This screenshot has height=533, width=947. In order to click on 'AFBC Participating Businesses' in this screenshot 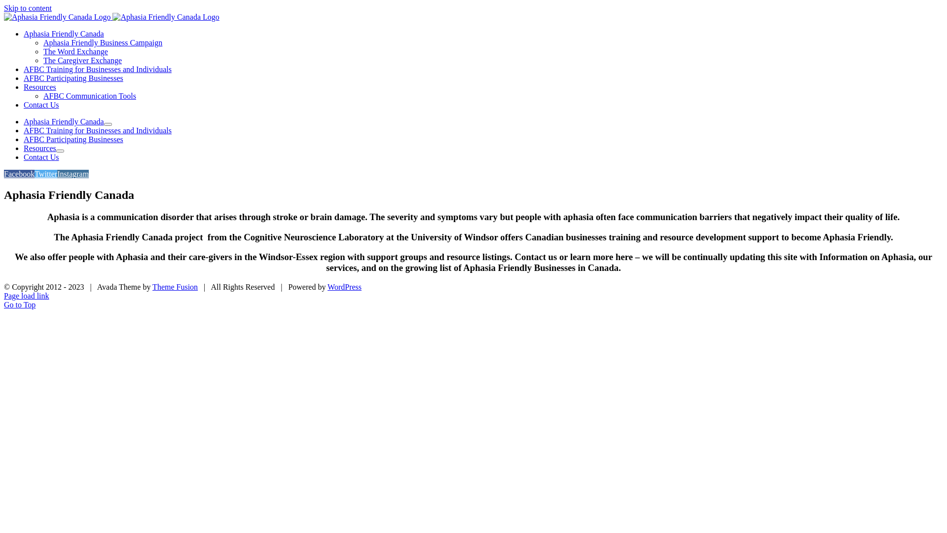, I will do `click(73, 139)`.